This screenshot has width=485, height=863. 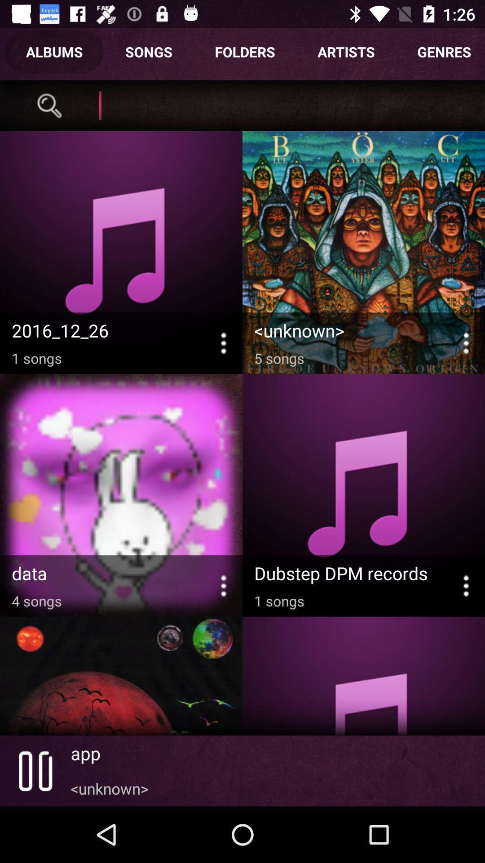 What do you see at coordinates (35, 770) in the screenshot?
I see `the pause icon` at bounding box center [35, 770].